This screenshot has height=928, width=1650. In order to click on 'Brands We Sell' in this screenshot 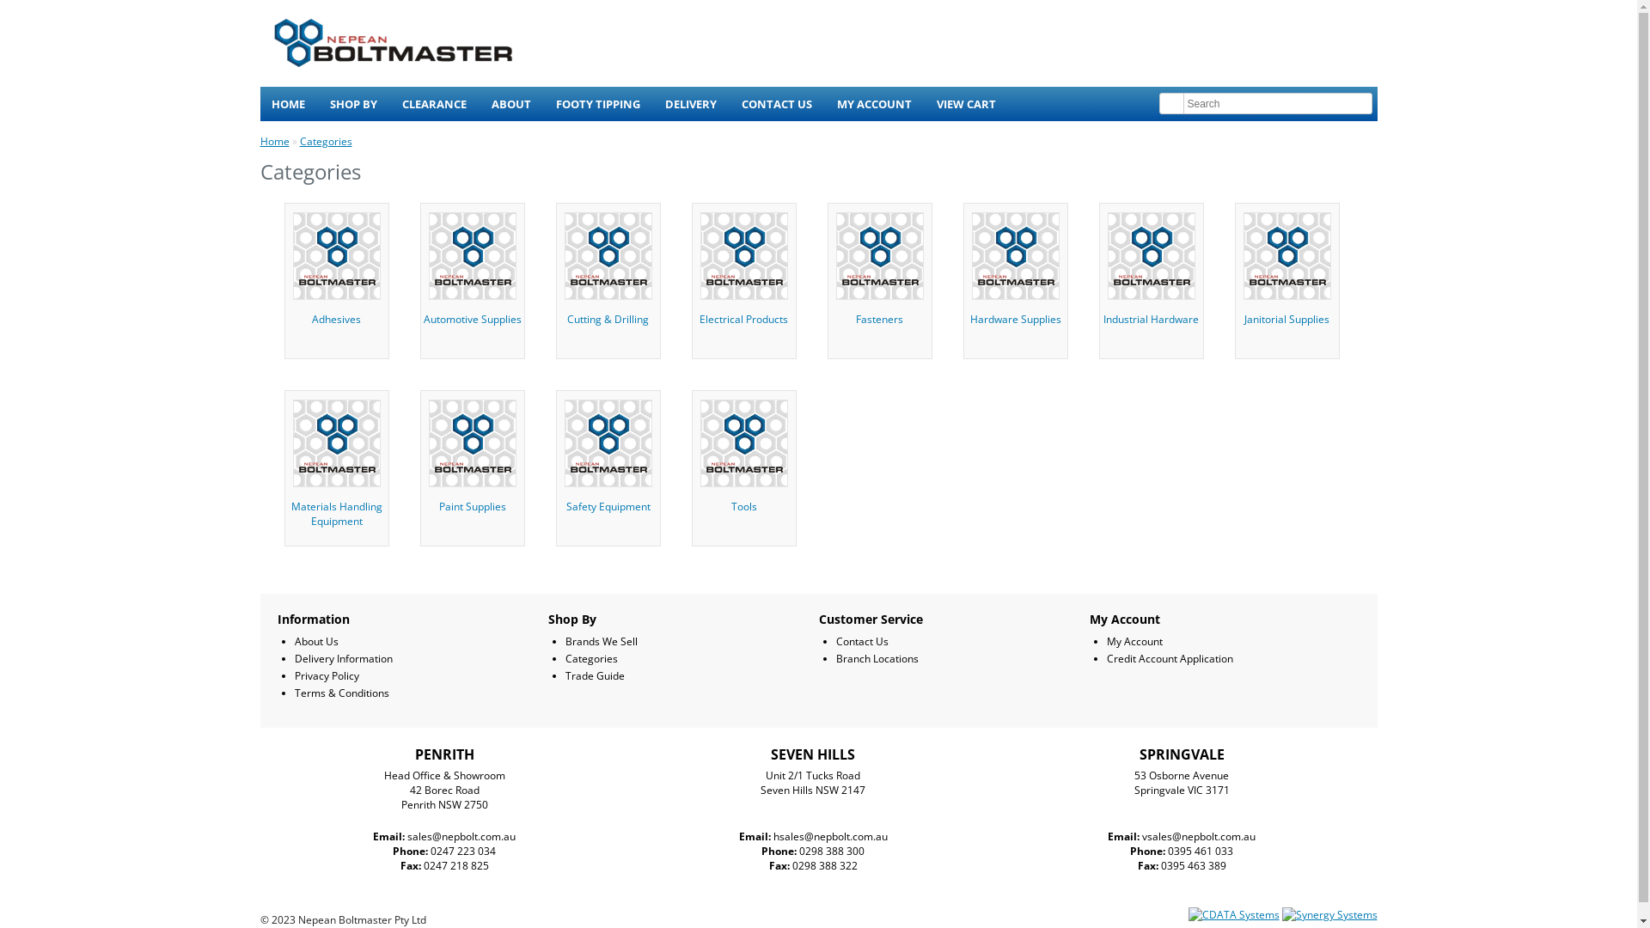, I will do `click(602, 641)`.